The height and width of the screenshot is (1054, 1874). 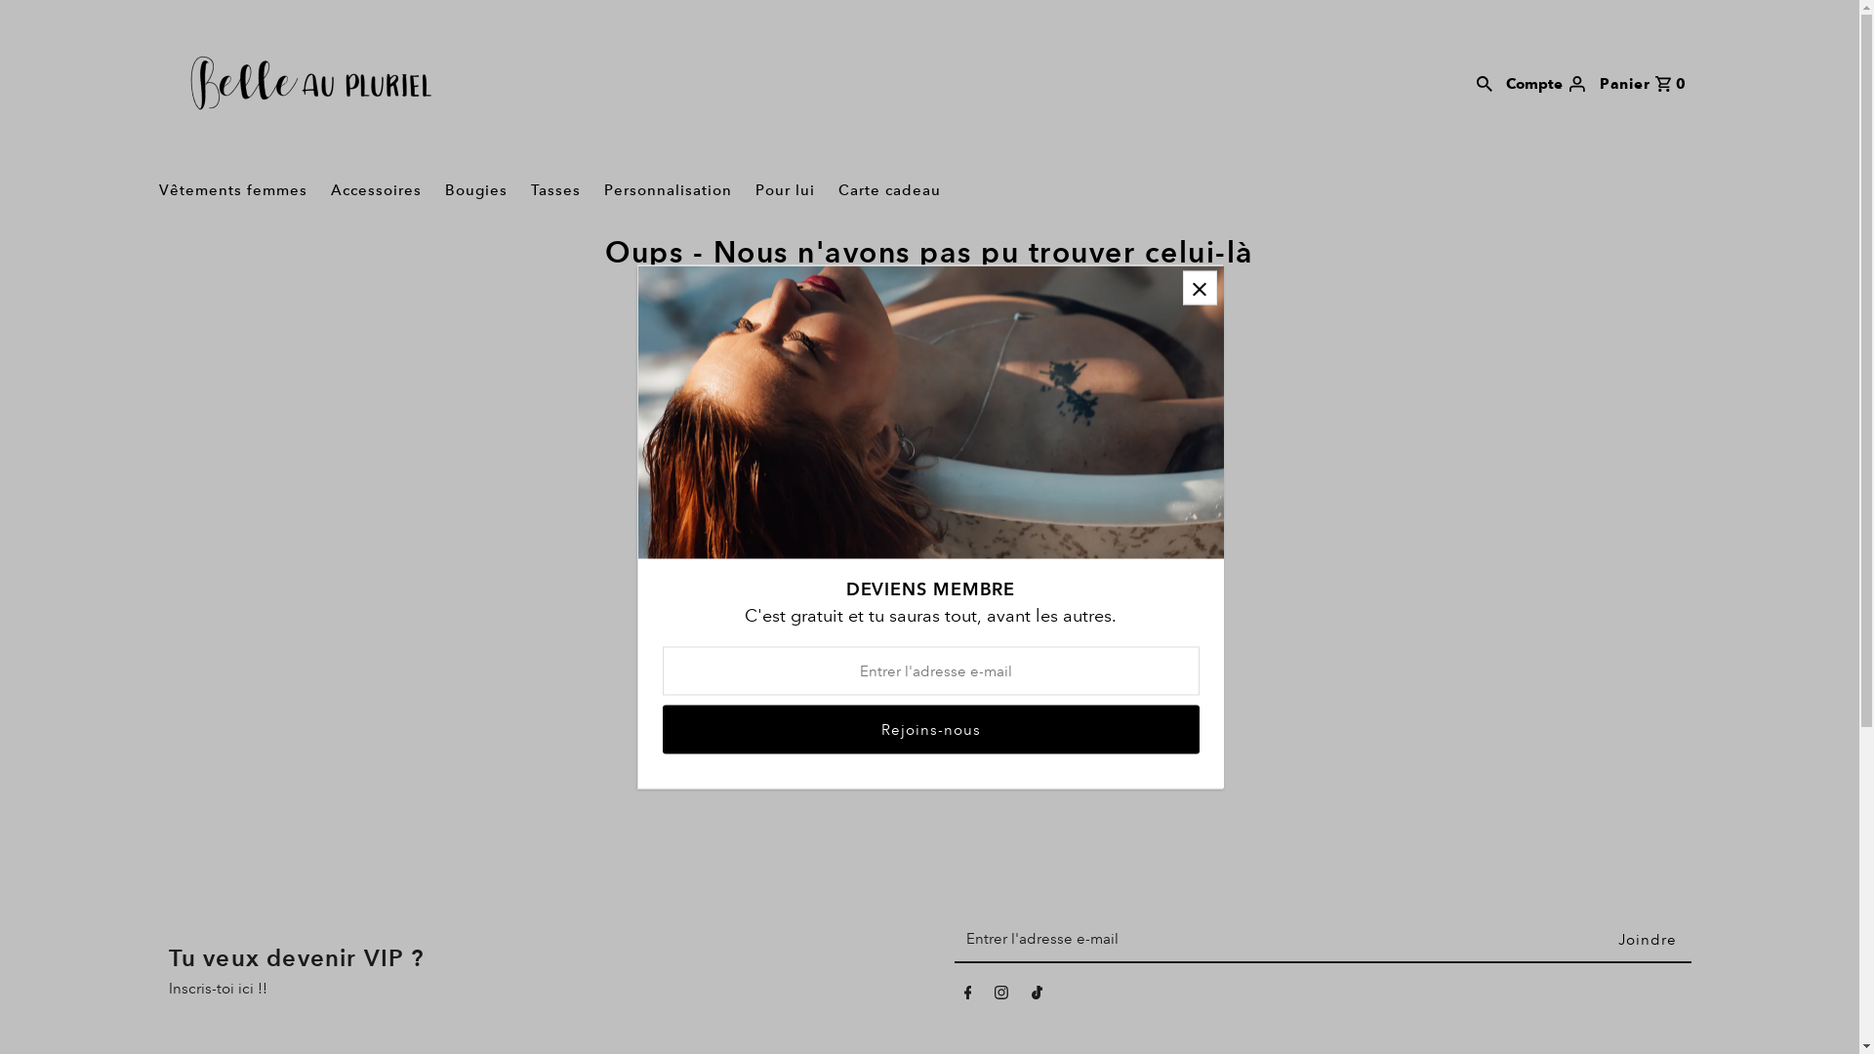 I want to click on 'Bougies', so click(x=434, y=190).